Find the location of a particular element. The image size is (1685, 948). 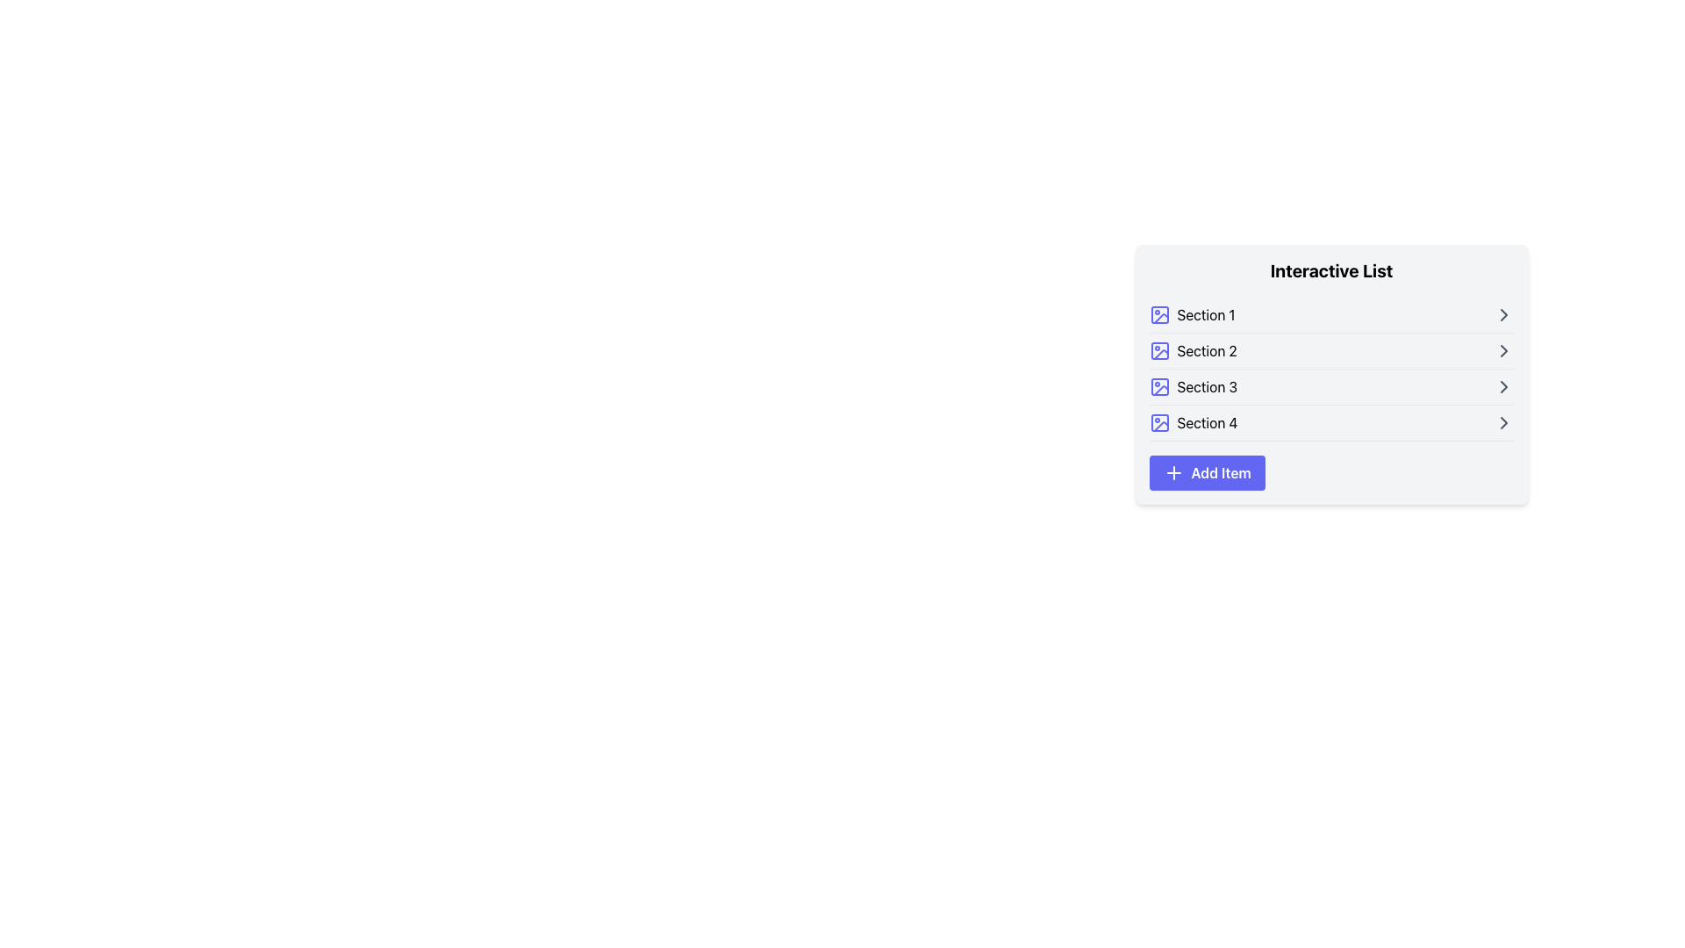

the right-pointing gray chevron arrow button located at the rightmost position of the 'Section 2' row in the interactive list is located at coordinates (1502, 351).